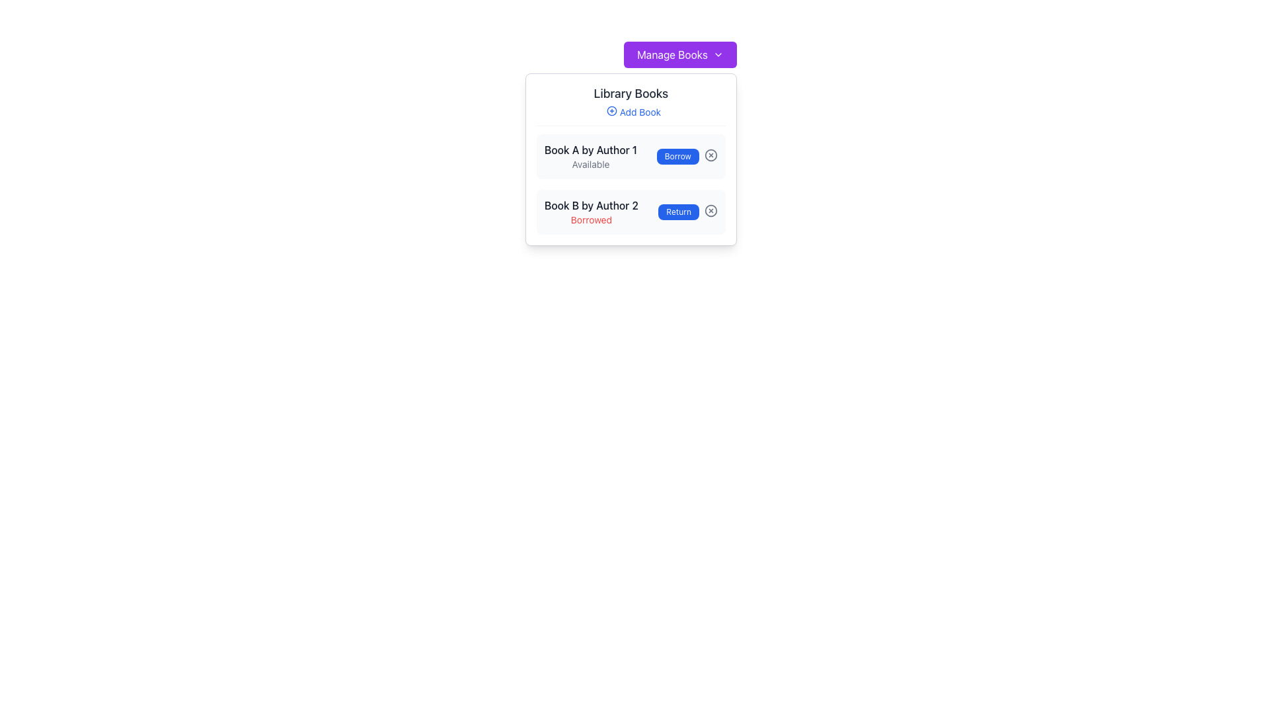 The image size is (1269, 714). Describe the element at coordinates (590, 155) in the screenshot. I see `the text display showing 'Book A by Author 1' and its availability status 'Available' in the first card of the 'Library Books' section` at that location.